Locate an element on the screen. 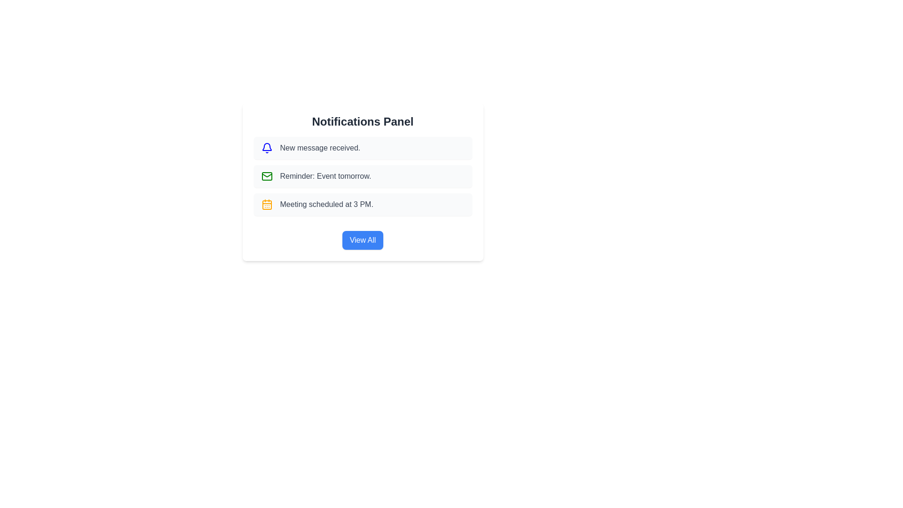 This screenshot has width=903, height=508. the Text Label displaying 'Reminder: Event tomorrow.' in the Notifications Panel, located in the second row of notifications is located at coordinates (325, 176).